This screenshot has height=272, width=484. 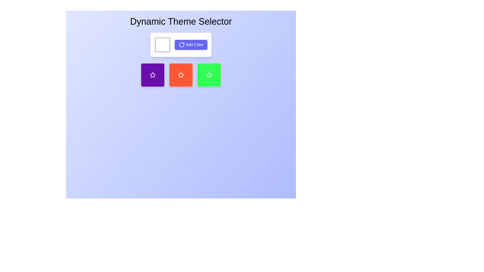 What do you see at coordinates (152, 75) in the screenshot?
I see `the leftmost star icon, which signifies selection or highlighting` at bounding box center [152, 75].